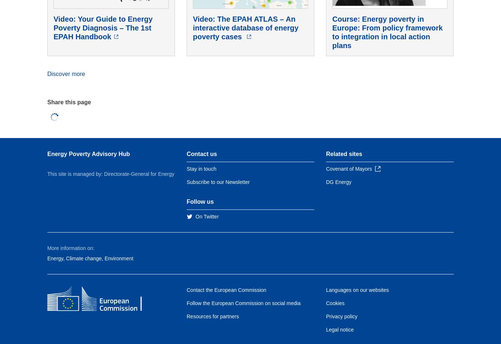 This screenshot has width=501, height=344. What do you see at coordinates (243, 303) in the screenshot?
I see `'Follow the European Commission on social media'` at bounding box center [243, 303].